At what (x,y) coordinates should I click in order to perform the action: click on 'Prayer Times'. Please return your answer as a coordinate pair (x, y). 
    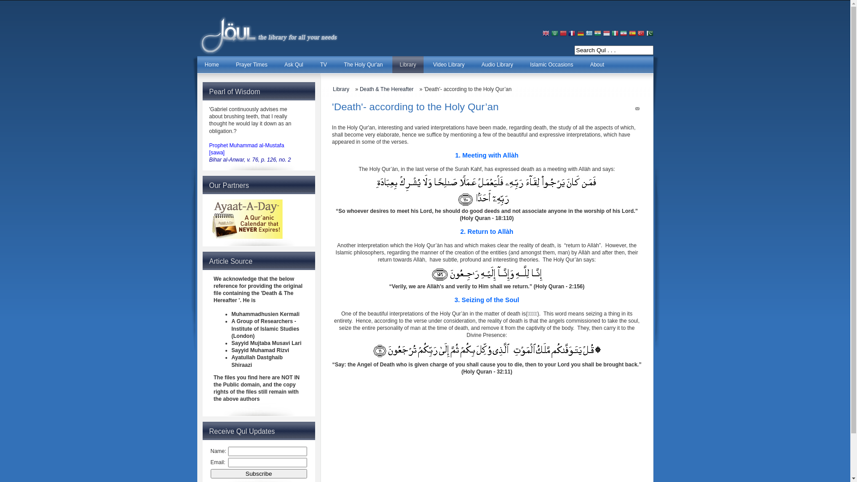
    Looking at the image, I should click on (229, 64).